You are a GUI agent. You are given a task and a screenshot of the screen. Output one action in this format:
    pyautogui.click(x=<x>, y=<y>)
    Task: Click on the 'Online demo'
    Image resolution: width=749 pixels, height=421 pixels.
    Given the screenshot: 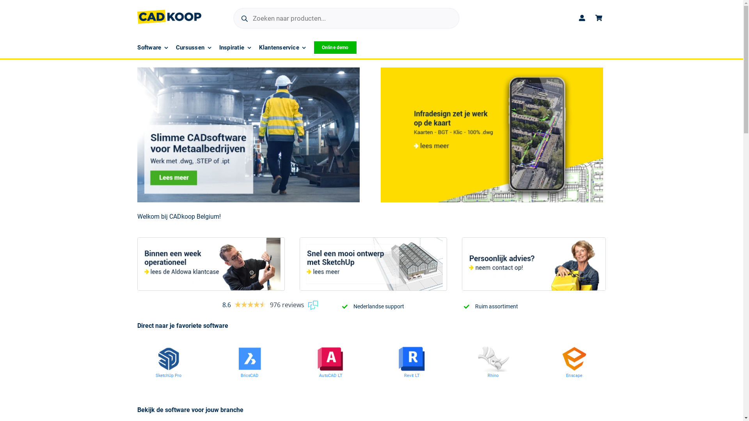 What is the action you would take?
    pyautogui.click(x=335, y=48)
    